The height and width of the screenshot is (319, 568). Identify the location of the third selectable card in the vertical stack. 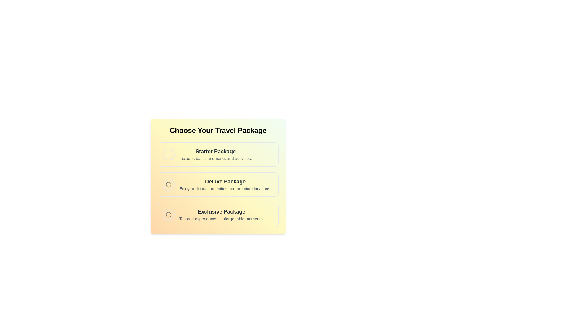
(218, 214).